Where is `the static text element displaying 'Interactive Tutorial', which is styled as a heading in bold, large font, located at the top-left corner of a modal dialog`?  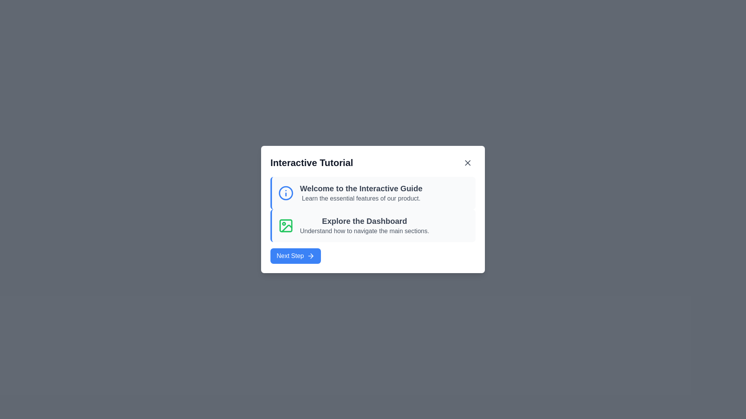
the static text element displaying 'Interactive Tutorial', which is styled as a heading in bold, large font, located at the top-left corner of a modal dialog is located at coordinates (312, 163).